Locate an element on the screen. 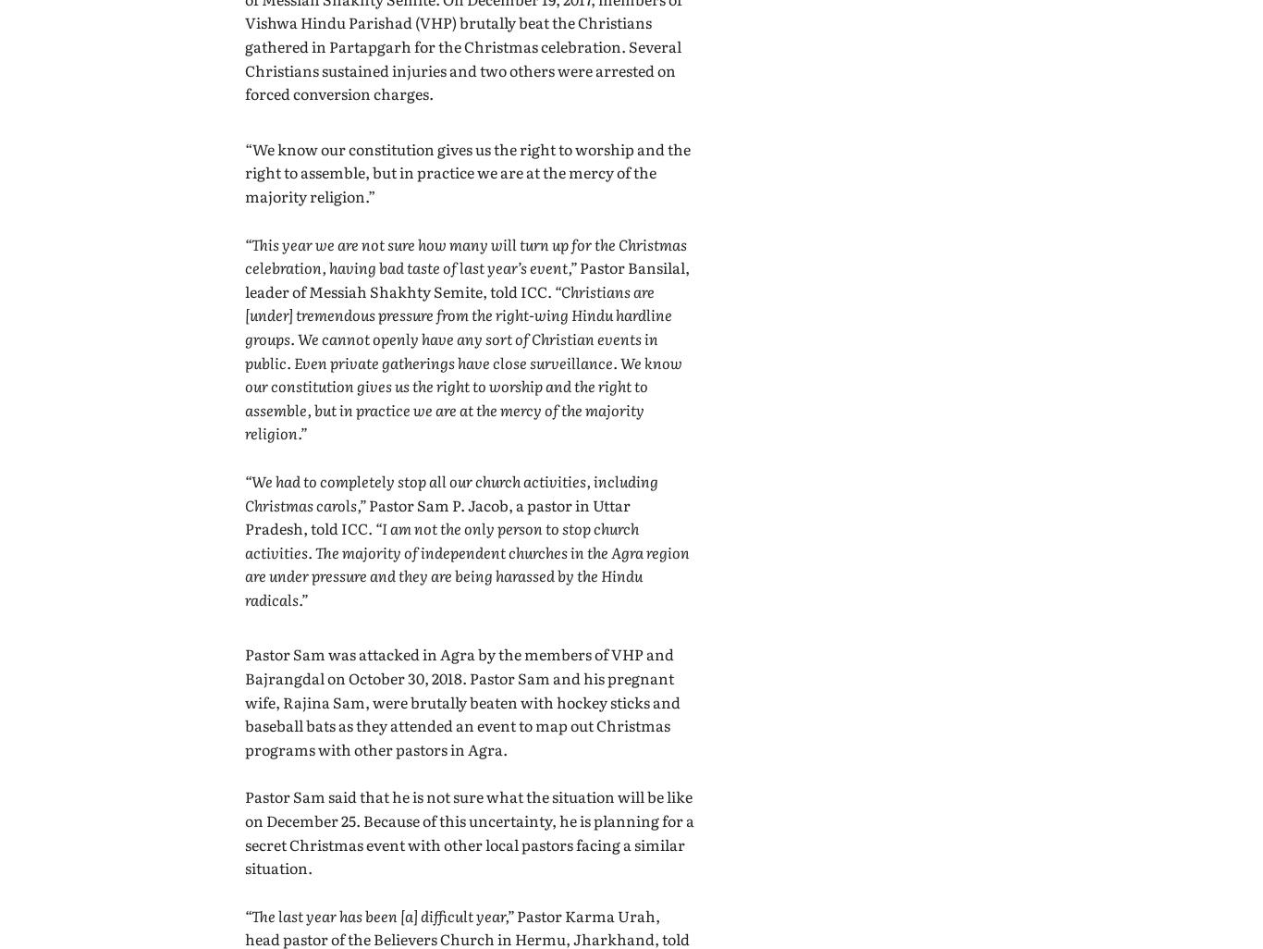 Image resolution: width=1263 pixels, height=949 pixels. 'Pastor Sam said that he is not sure what the situation will be like on December 25. Because of this uncertainty, he is planning for a secret Christmas event with other local pastors facing a similar situation.' is located at coordinates (470, 831).